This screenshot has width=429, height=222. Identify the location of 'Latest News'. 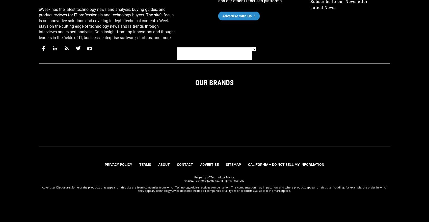
(323, 7).